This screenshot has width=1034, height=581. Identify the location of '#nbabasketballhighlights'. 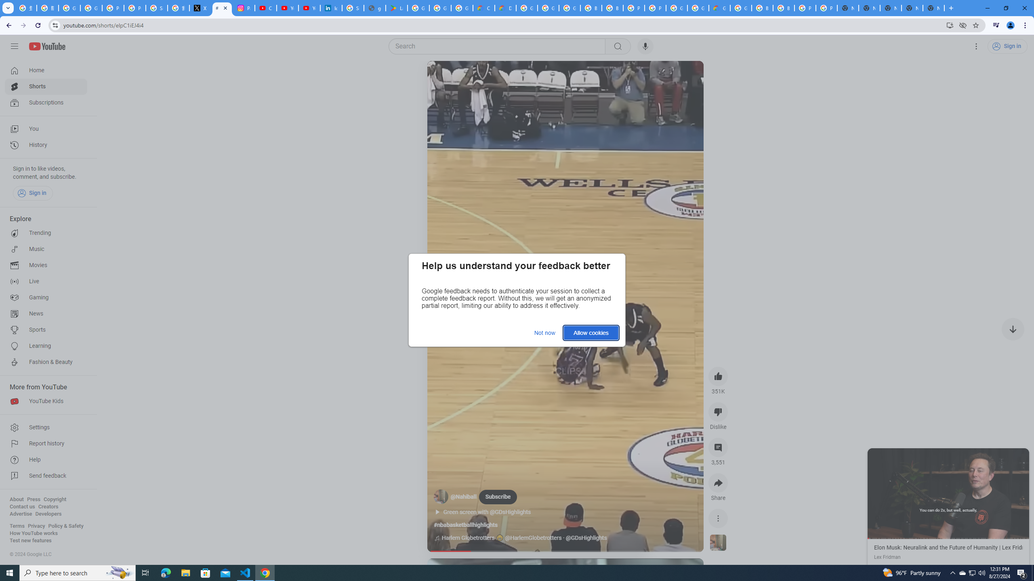
(465, 525).